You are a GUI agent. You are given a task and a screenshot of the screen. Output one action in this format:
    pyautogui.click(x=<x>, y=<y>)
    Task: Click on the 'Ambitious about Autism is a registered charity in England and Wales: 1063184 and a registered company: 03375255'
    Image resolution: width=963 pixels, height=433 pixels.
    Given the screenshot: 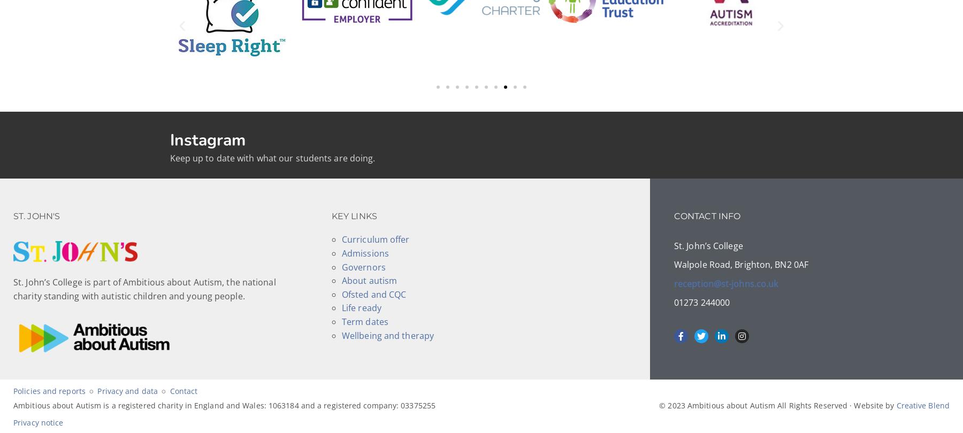 What is the action you would take?
    pyautogui.click(x=224, y=405)
    